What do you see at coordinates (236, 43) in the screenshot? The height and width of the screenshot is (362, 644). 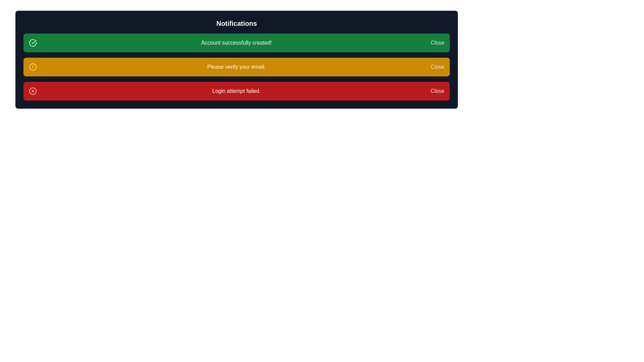 I see `the Notification banner with a green background that displays 'Account successfully created!' and includes a 'Close' button on the right` at bounding box center [236, 43].